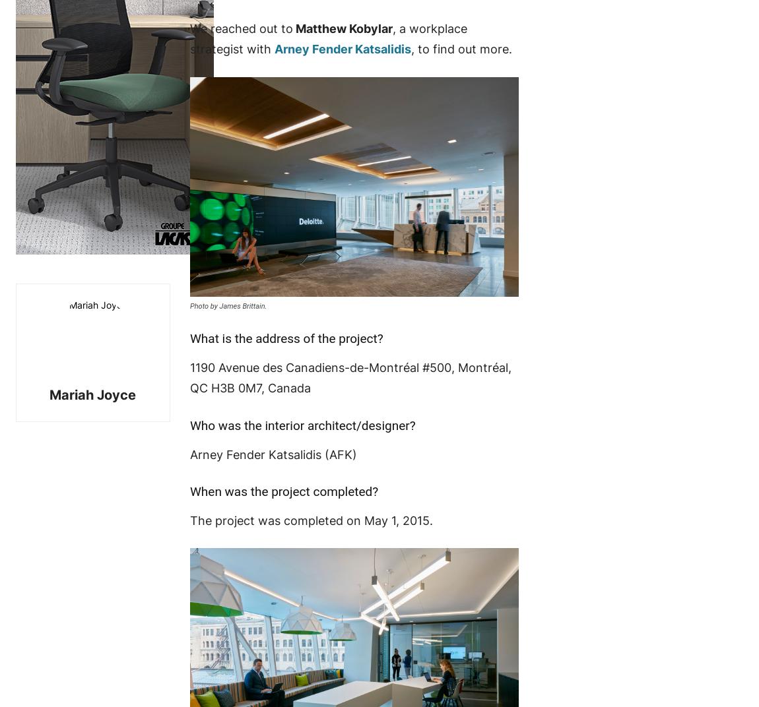 The width and height of the screenshot is (759, 707). I want to click on 'When was the project completed?', so click(283, 491).